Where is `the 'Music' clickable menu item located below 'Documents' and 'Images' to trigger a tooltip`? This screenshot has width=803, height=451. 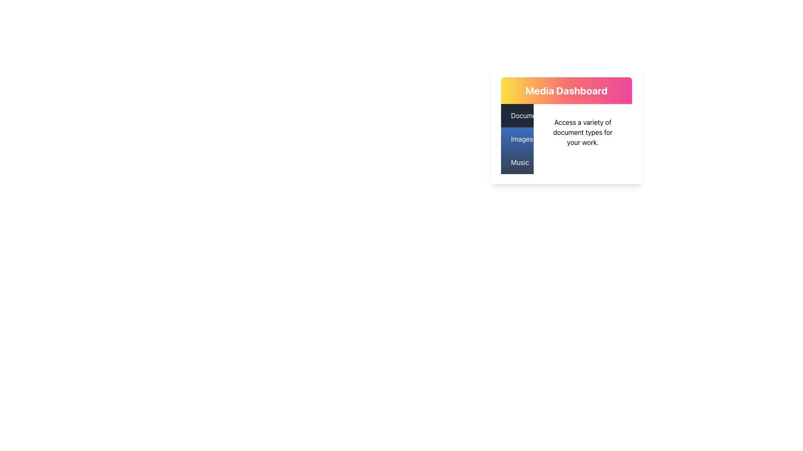 the 'Music' clickable menu item located below 'Documents' and 'Images' to trigger a tooltip is located at coordinates (517, 162).